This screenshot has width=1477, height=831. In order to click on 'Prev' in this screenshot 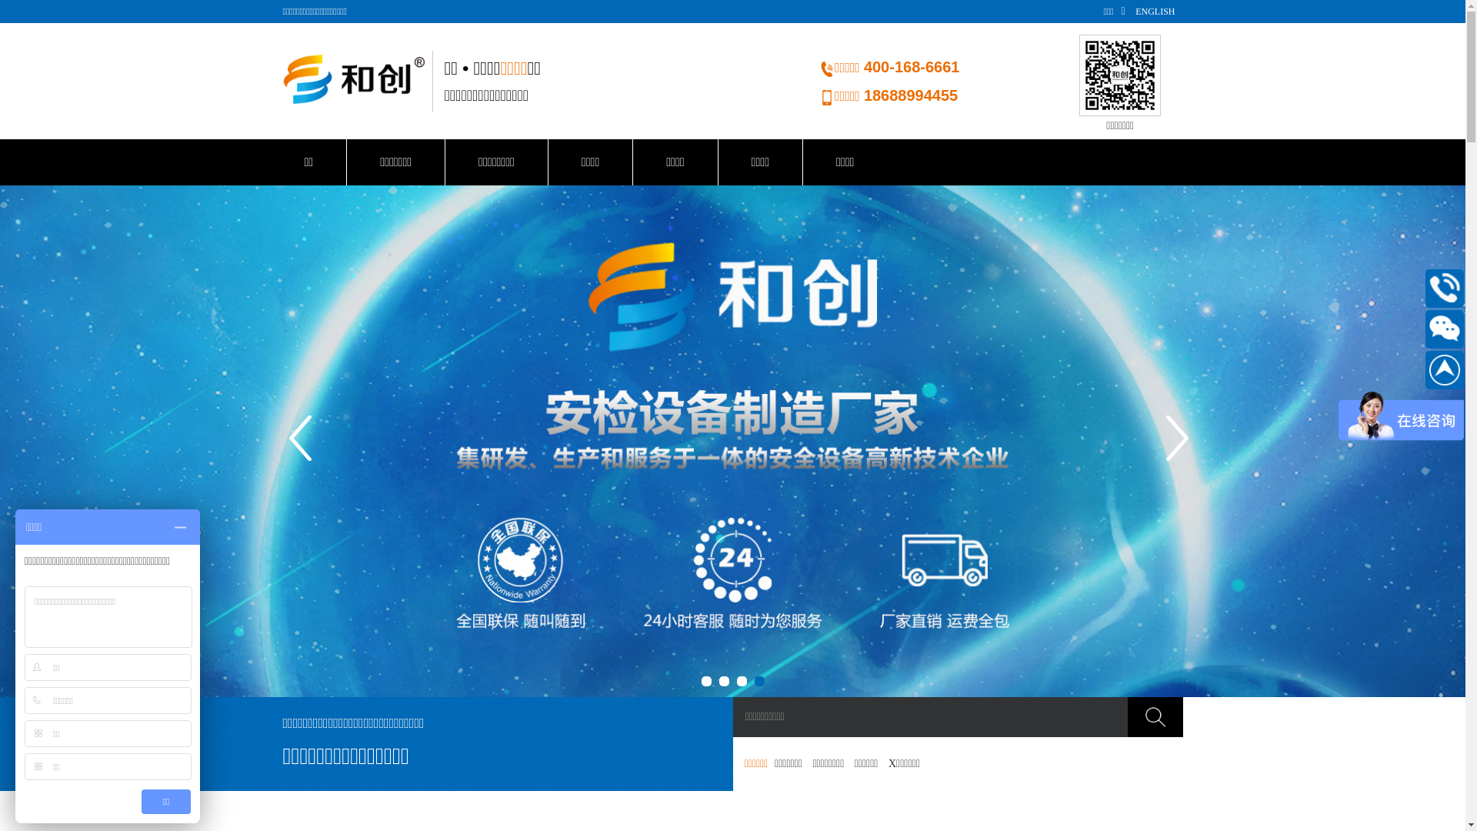, I will do `click(302, 442)`.